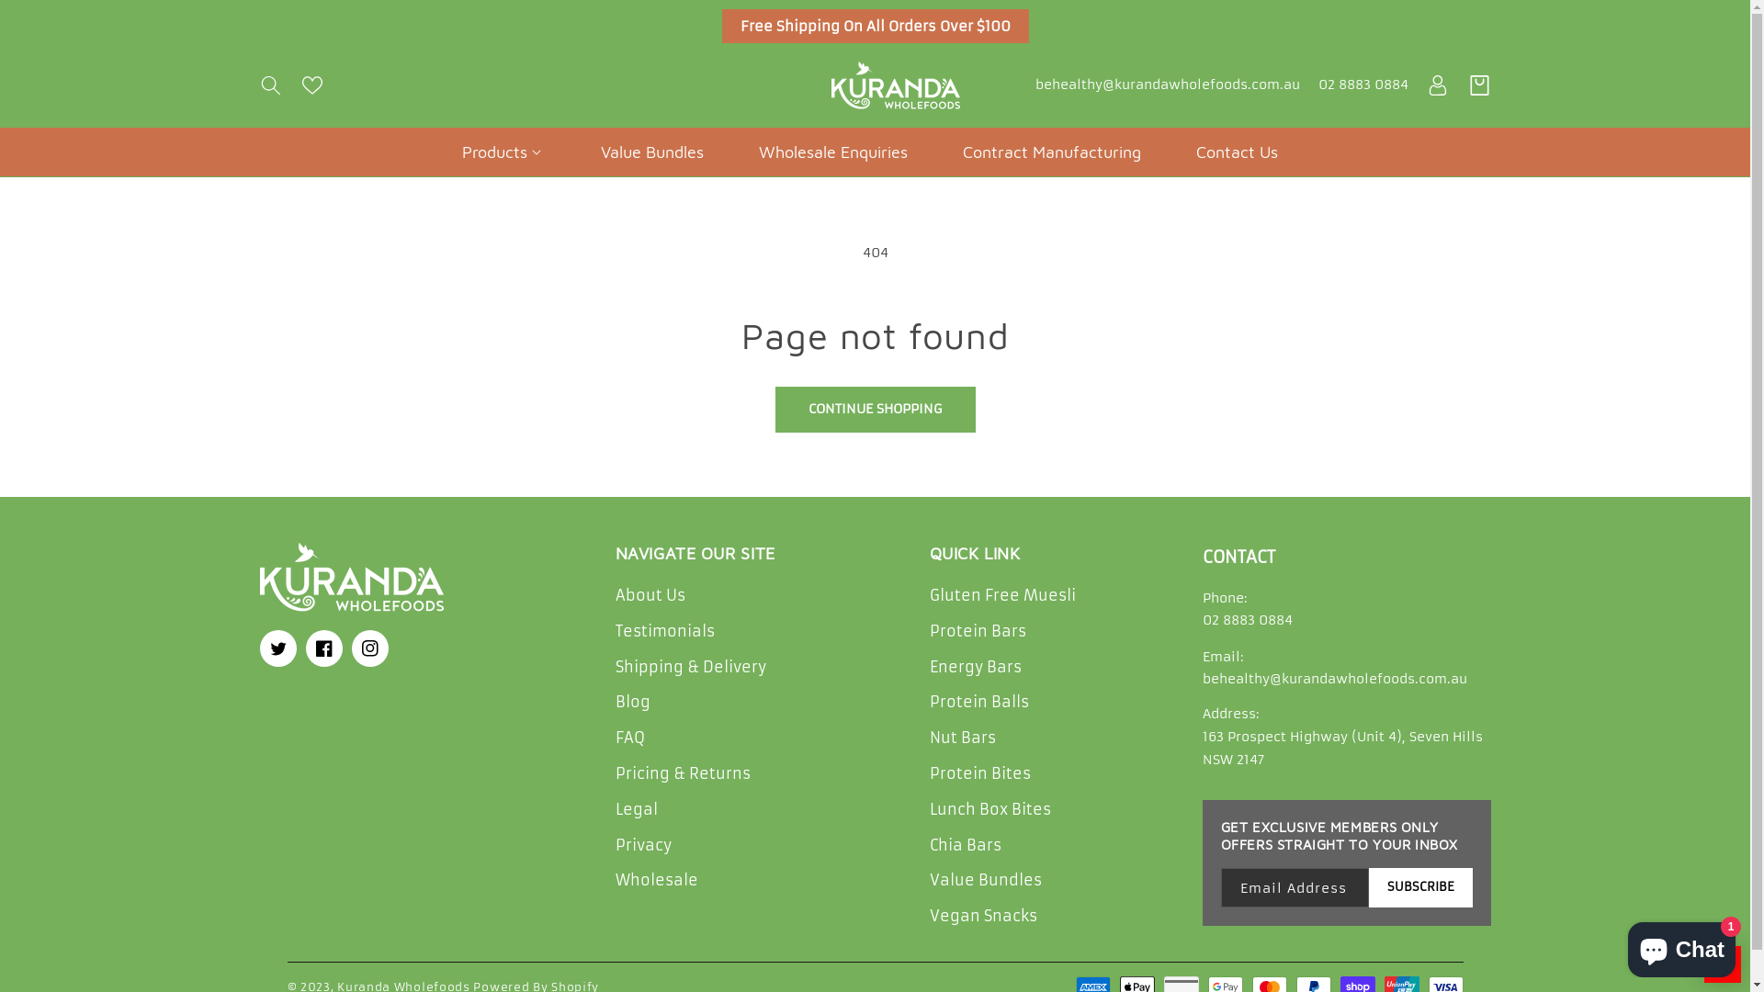 The height and width of the screenshot is (992, 1764). I want to click on 'Wholesale Enquiries', so click(832, 151).